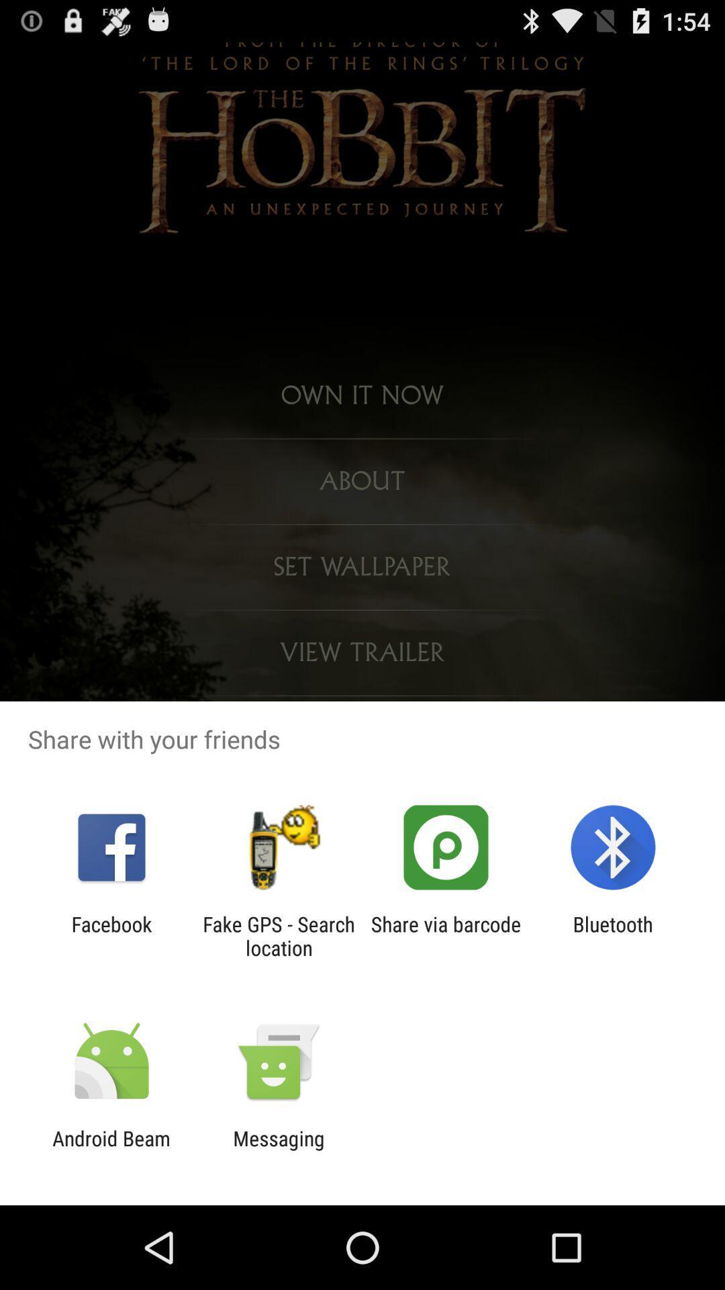  I want to click on item to the right of android beam, so click(278, 1150).